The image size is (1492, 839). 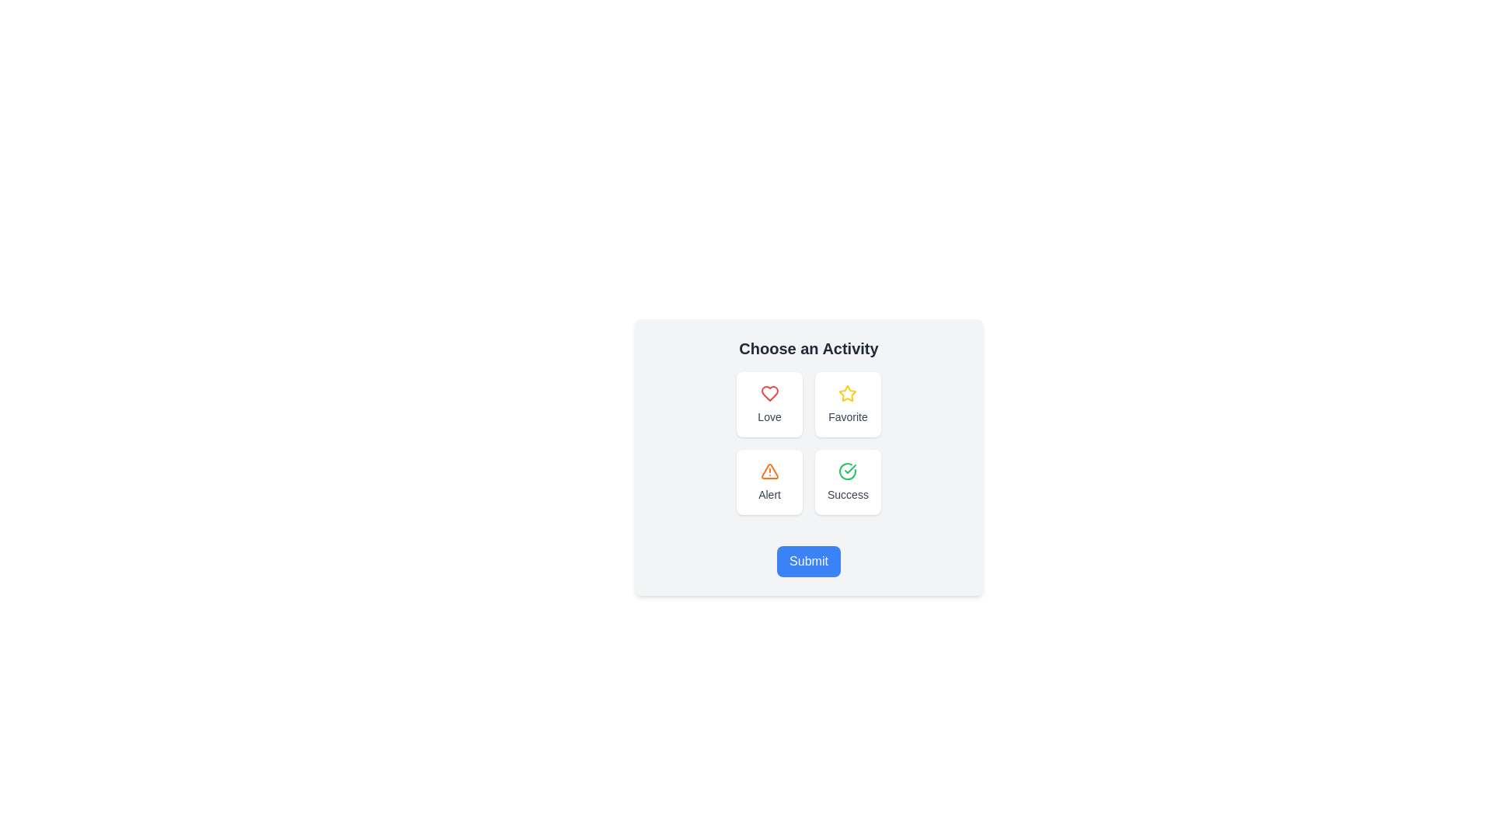 What do you see at coordinates (847, 482) in the screenshot?
I see `the Card Button displaying a green check mark and the text 'Success' located in the bottom-right position of the grid under 'Choose an Activity'` at bounding box center [847, 482].